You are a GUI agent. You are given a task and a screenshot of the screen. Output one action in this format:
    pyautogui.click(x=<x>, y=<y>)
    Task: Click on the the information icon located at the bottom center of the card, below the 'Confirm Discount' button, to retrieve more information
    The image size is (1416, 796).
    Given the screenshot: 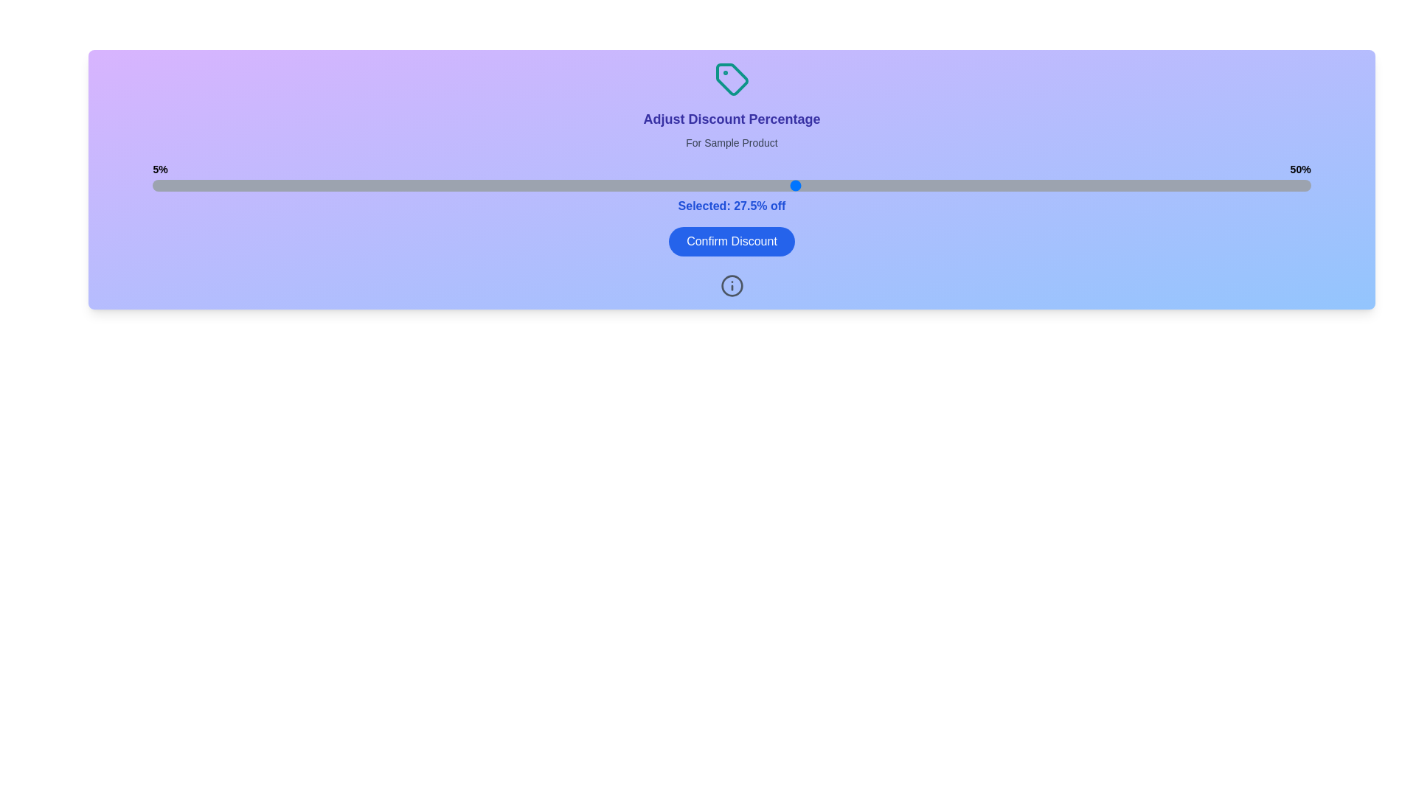 What is the action you would take?
    pyautogui.click(x=732, y=286)
    